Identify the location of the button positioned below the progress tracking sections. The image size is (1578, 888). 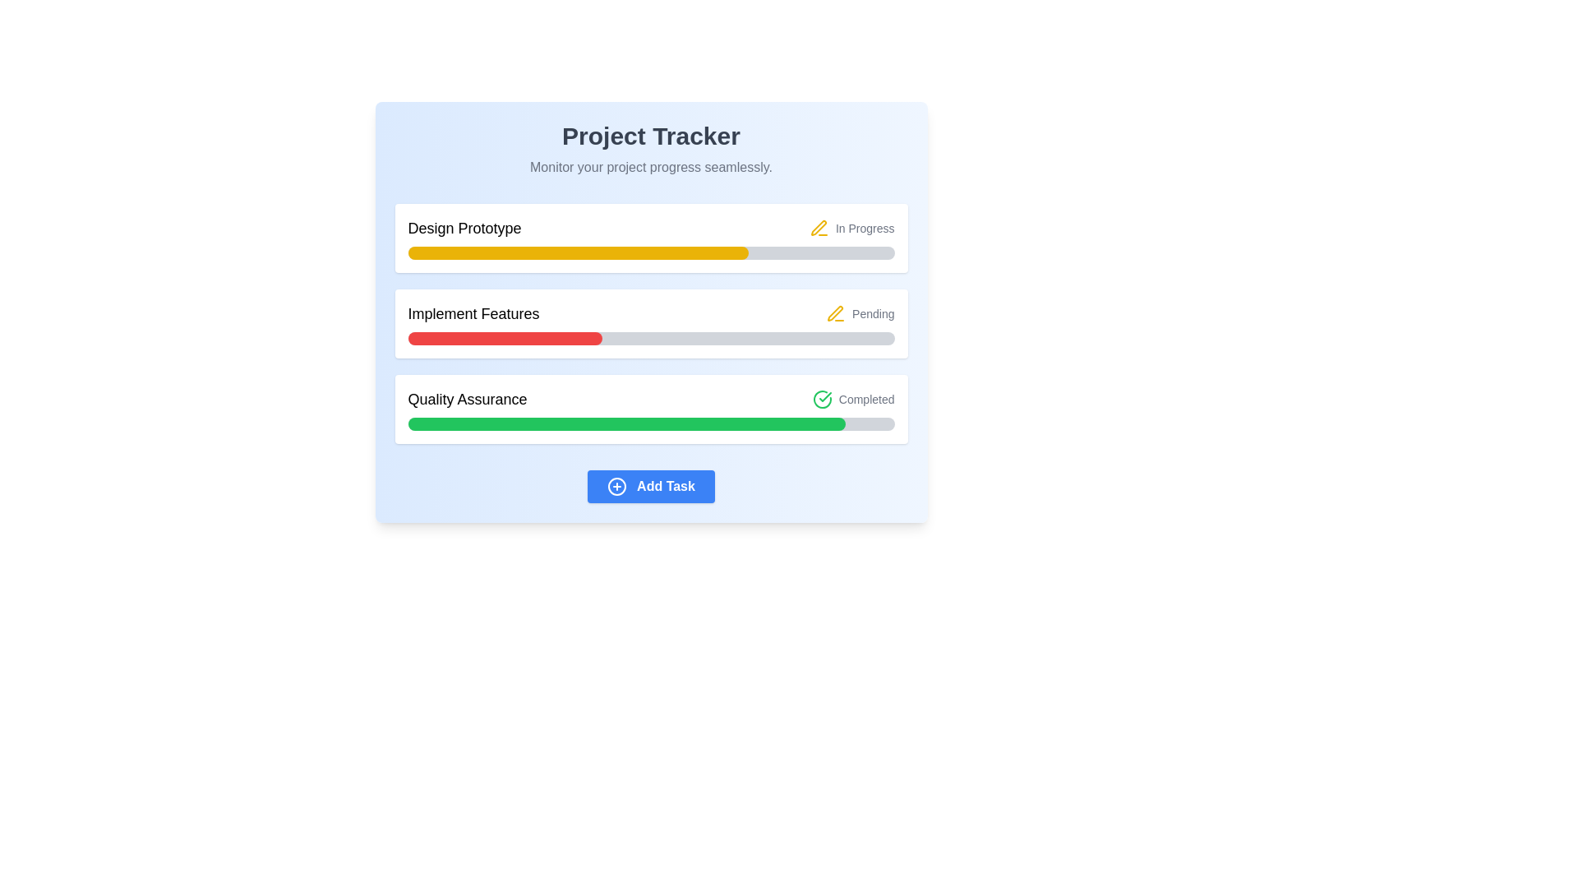
(650, 485).